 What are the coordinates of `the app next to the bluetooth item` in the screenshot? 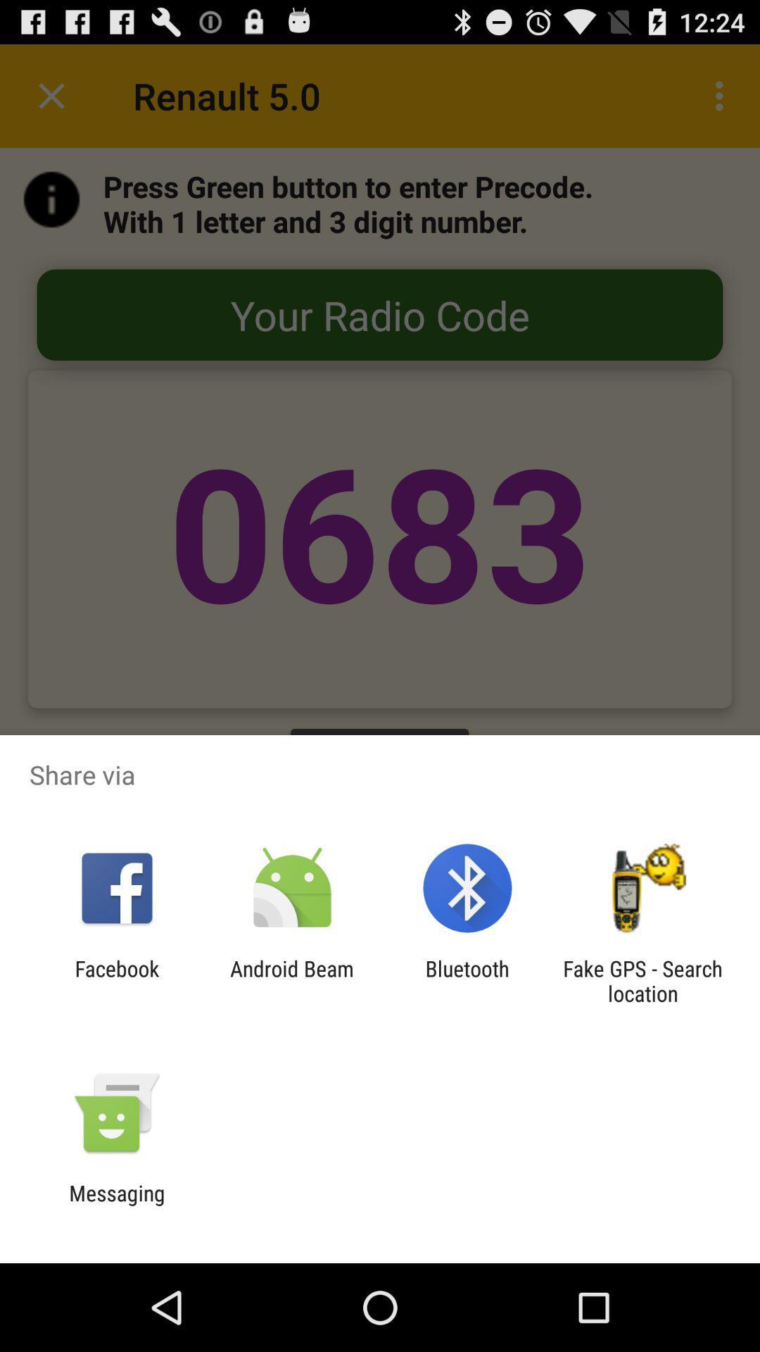 It's located at (291, 980).